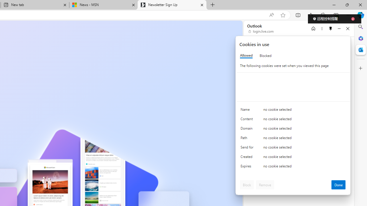 The image size is (367, 206). What do you see at coordinates (248, 139) in the screenshot?
I see `'Path'` at bounding box center [248, 139].